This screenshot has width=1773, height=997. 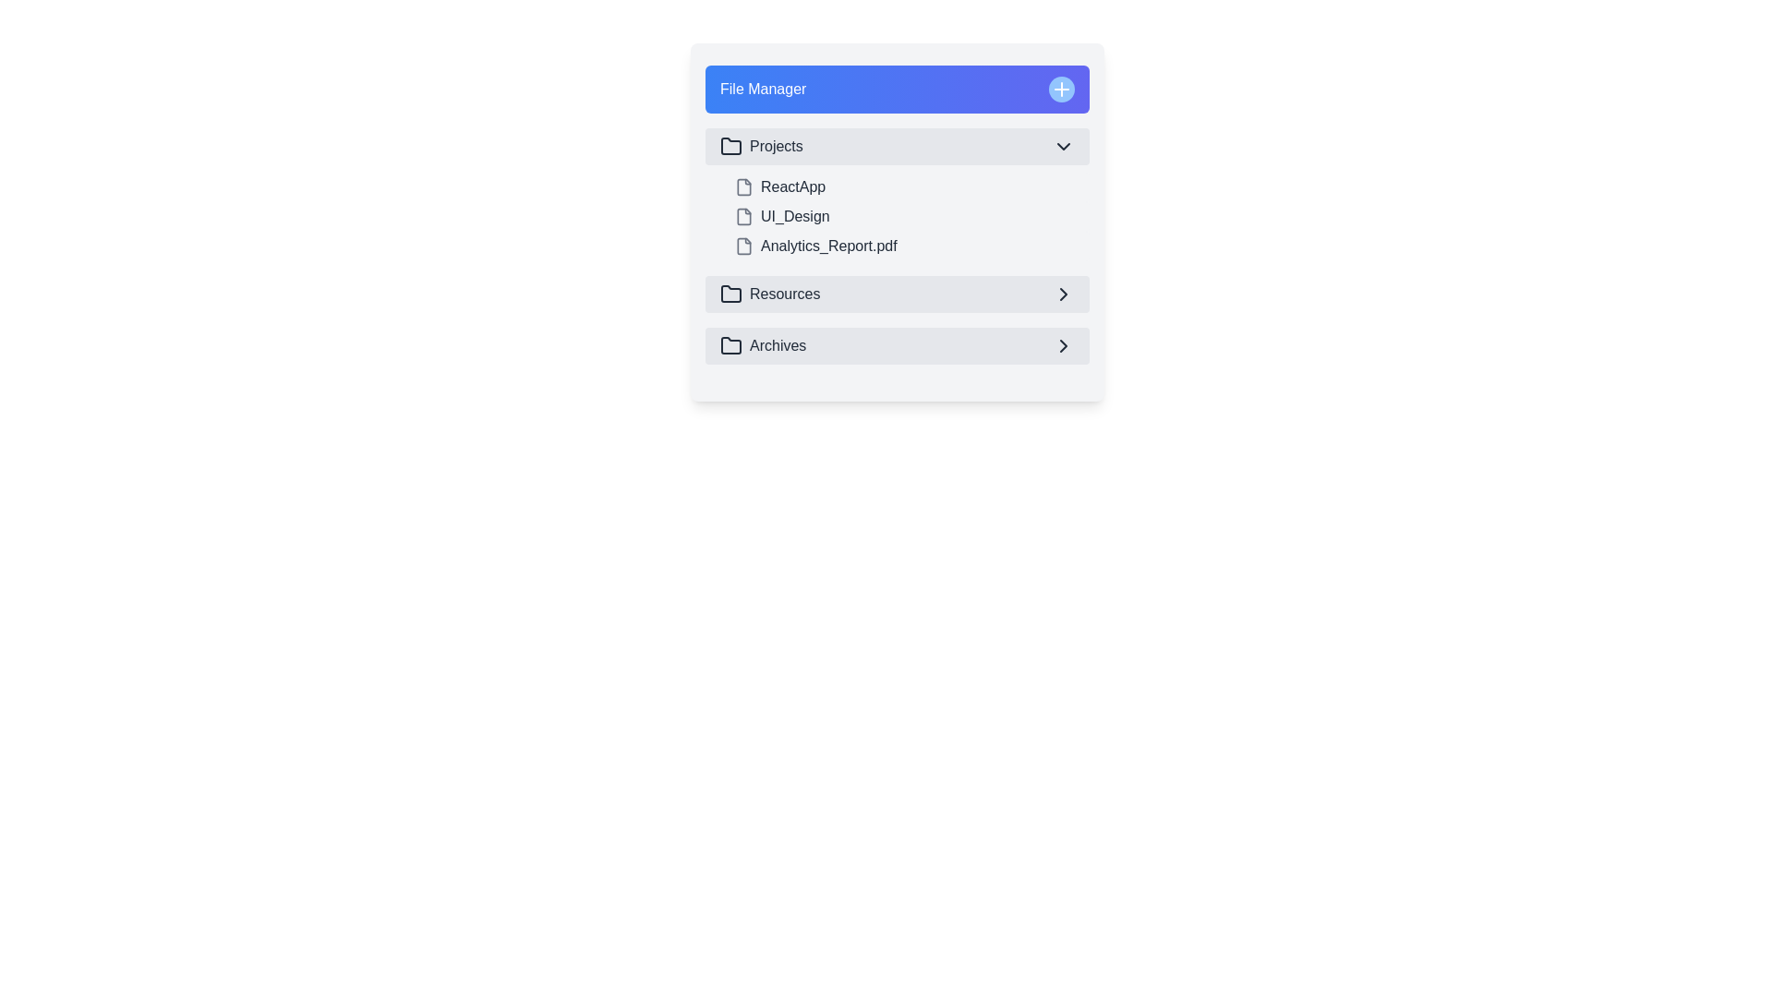 I want to click on the Dropdown toggle button represented by a downward-facing arrow icon, located to the right of the 'Projects' label in the 'File Manager' section, to indicate it is interactive, so click(x=1064, y=145).